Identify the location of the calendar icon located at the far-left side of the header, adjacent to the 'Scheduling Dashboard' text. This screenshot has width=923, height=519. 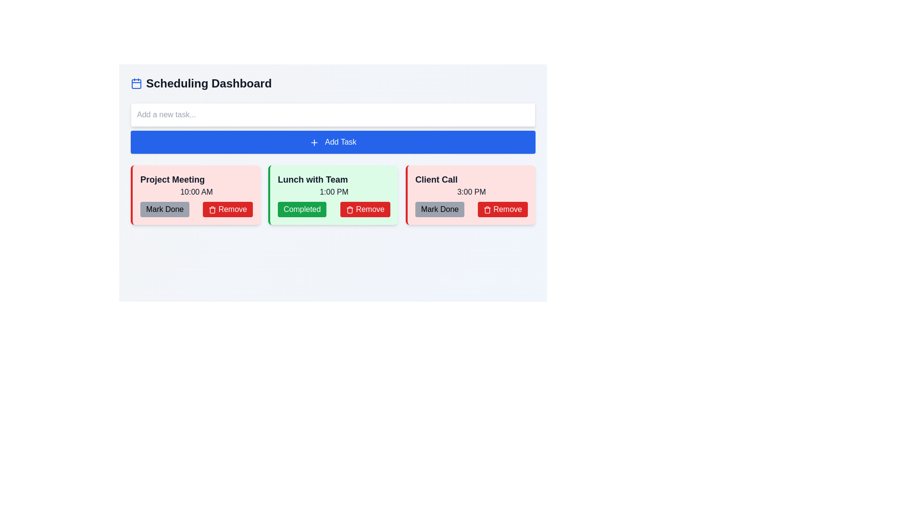
(136, 83).